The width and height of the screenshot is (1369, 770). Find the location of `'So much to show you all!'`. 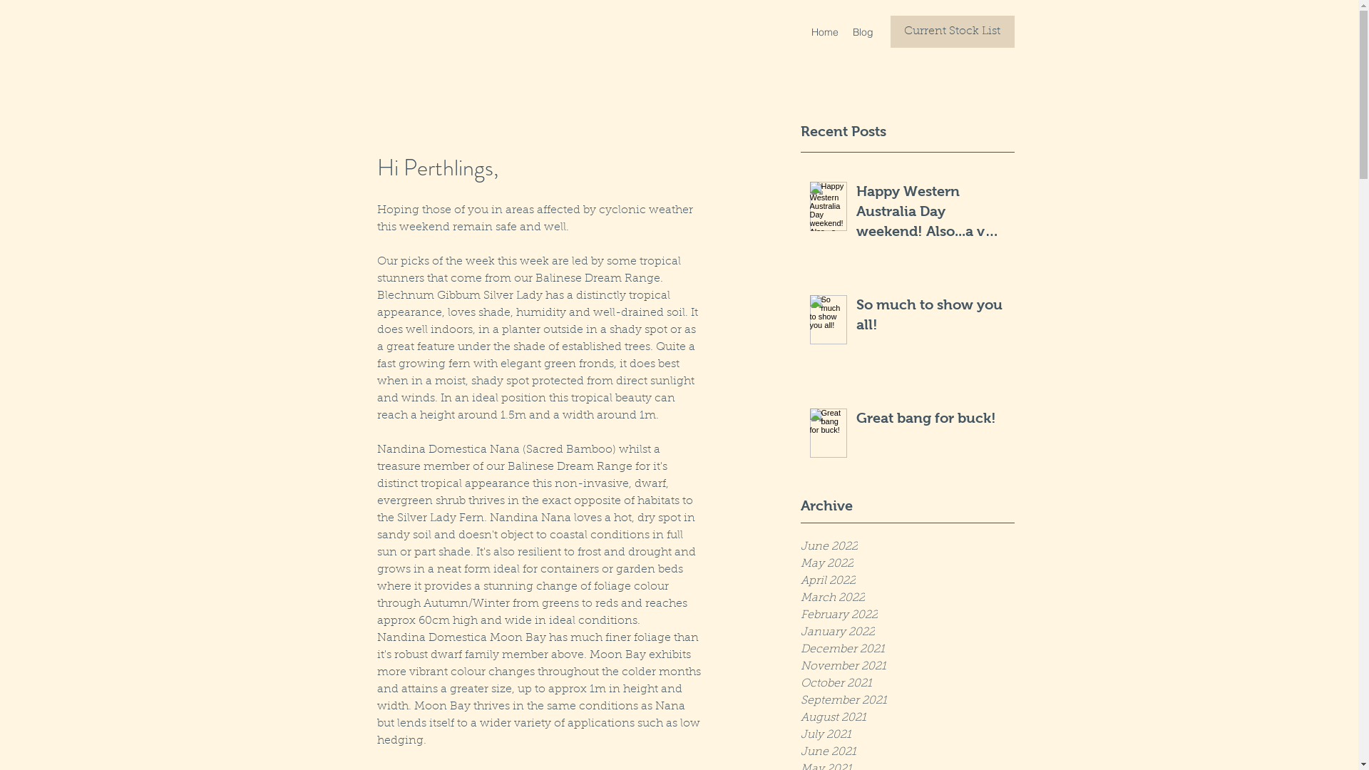

'So much to show you all!' is located at coordinates (930, 316).